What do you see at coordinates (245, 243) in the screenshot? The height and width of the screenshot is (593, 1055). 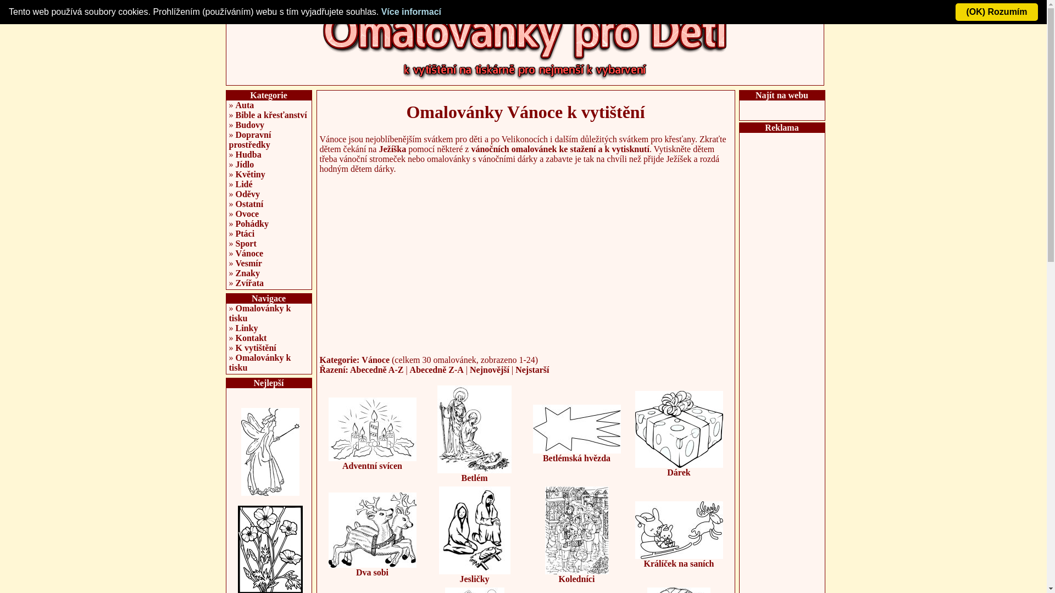 I see `'Sport'` at bounding box center [245, 243].